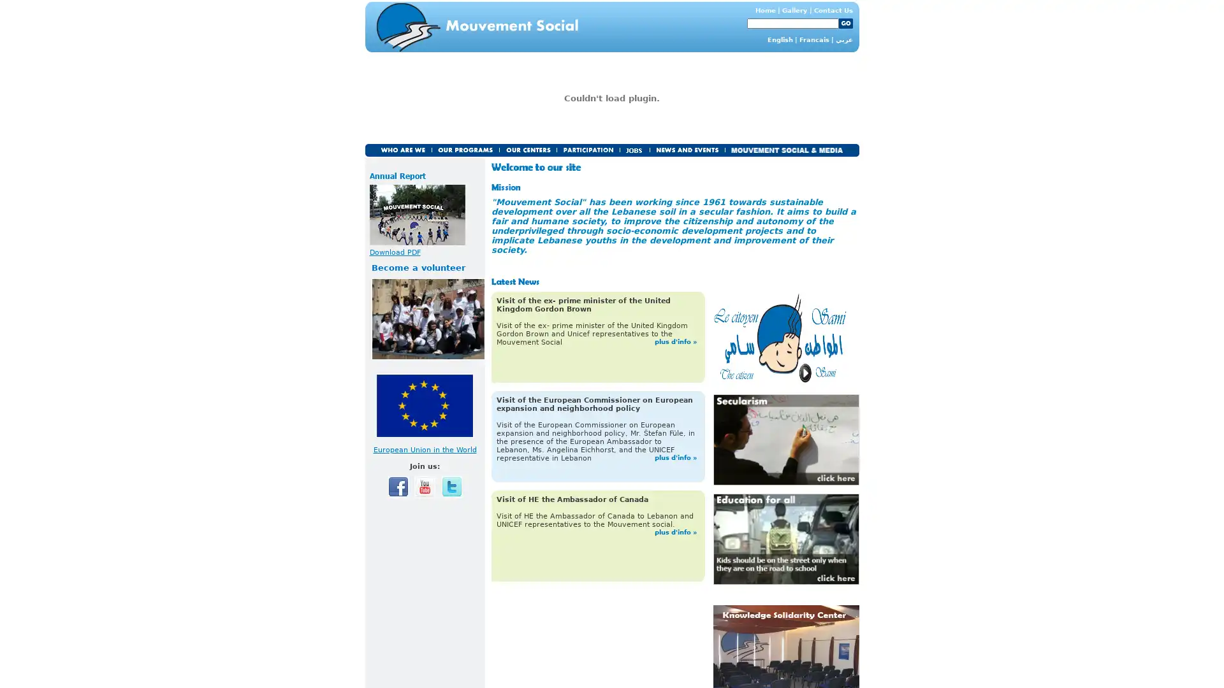 This screenshot has height=688, width=1224. I want to click on Submit, so click(845, 24).